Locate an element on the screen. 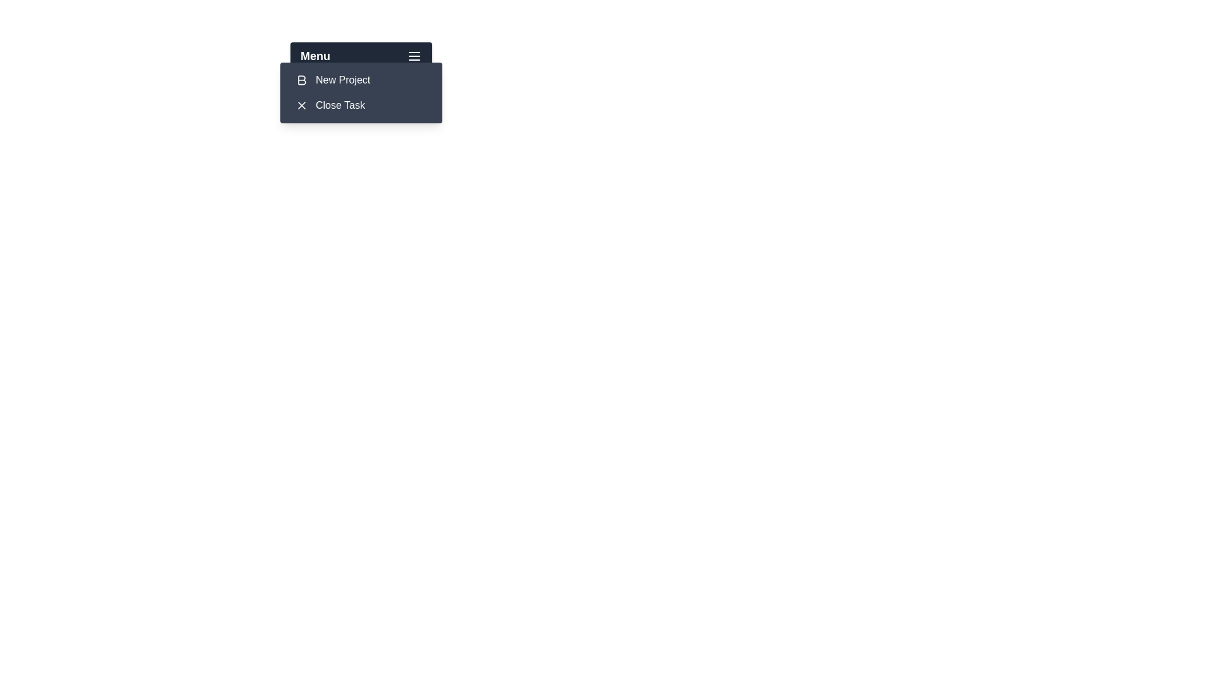  the 'Close Task' text label, which is displayed in white font and is part of a dropdown menu under the 'Menu' header, adjacent to an 'X' icon is located at coordinates (340, 104).